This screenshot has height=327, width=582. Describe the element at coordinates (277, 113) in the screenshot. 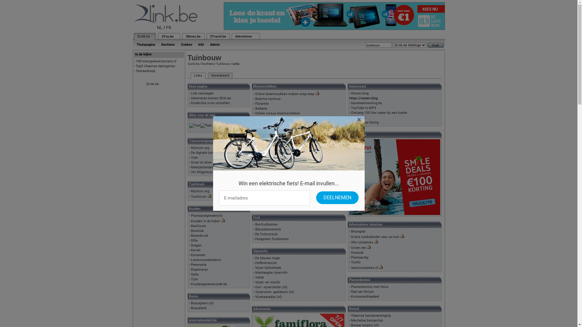

I see `'Online cursus bloemschikken'` at that location.